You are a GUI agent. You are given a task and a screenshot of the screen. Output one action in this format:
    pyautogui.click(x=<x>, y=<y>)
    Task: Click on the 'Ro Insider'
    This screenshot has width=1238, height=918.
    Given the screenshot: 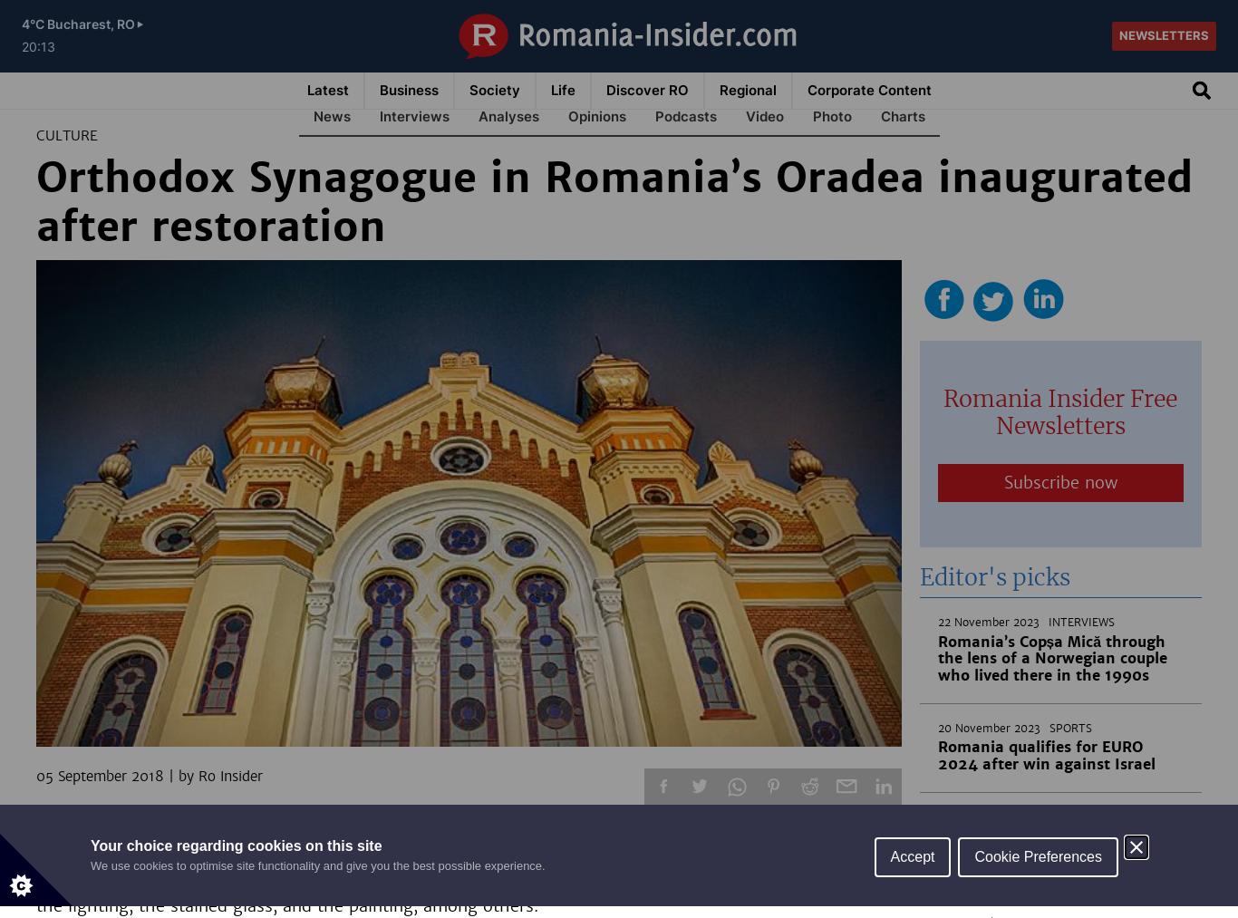 What is the action you would take?
    pyautogui.click(x=230, y=774)
    